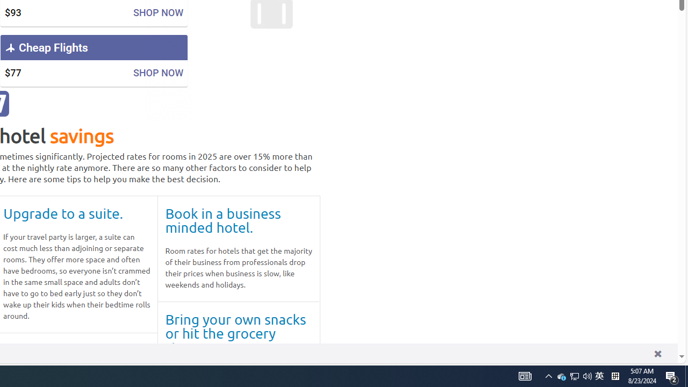 This screenshot has height=387, width=688. What do you see at coordinates (657, 353) in the screenshot?
I see `'dismiss cookie message'` at bounding box center [657, 353].